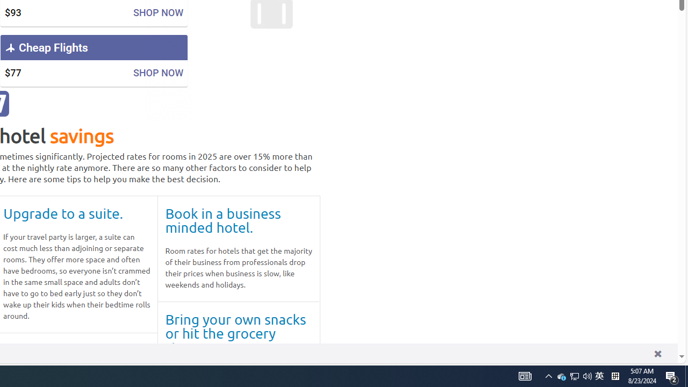 This screenshot has height=387, width=688. What do you see at coordinates (657, 353) in the screenshot?
I see `'dismiss cookie message'` at bounding box center [657, 353].